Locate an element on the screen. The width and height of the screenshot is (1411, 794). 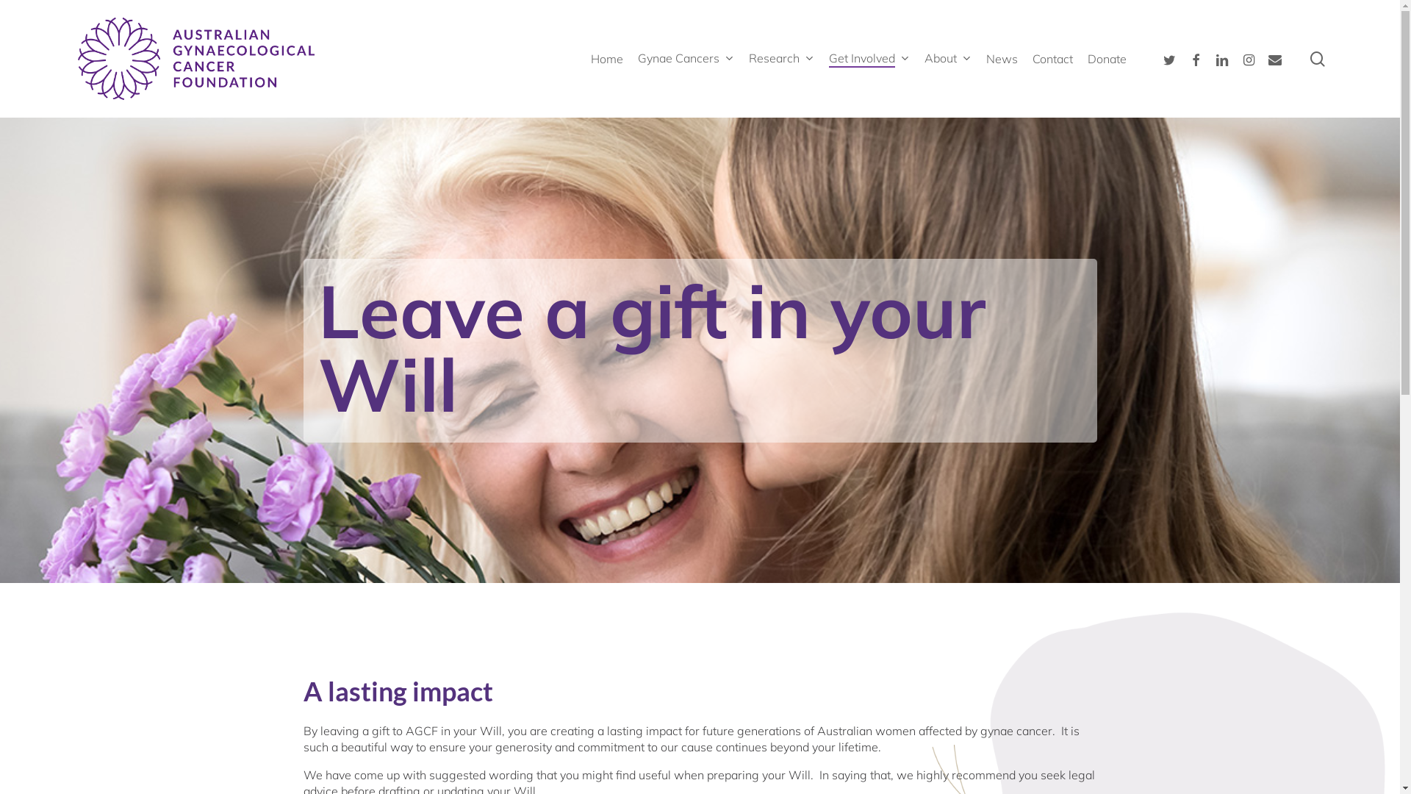
'About' is located at coordinates (948, 58).